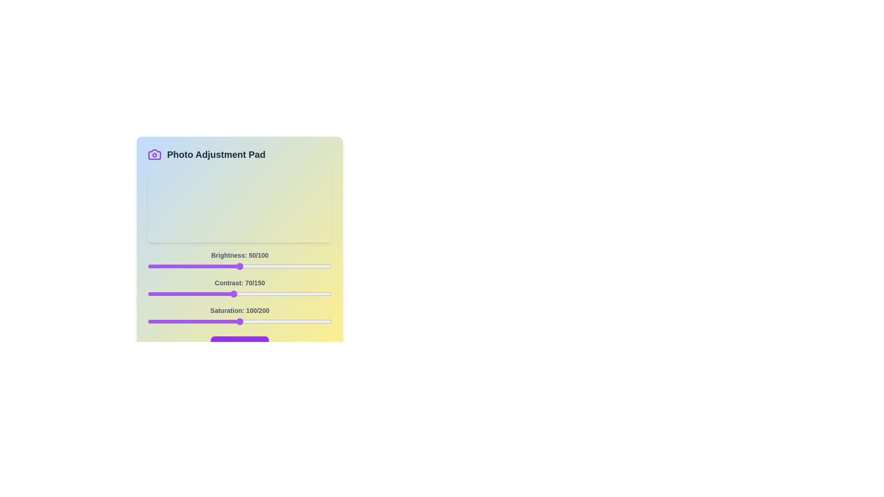 The image size is (884, 497). What do you see at coordinates (309, 266) in the screenshot?
I see `the 0 slider to 88` at bounding box center [309, 266].